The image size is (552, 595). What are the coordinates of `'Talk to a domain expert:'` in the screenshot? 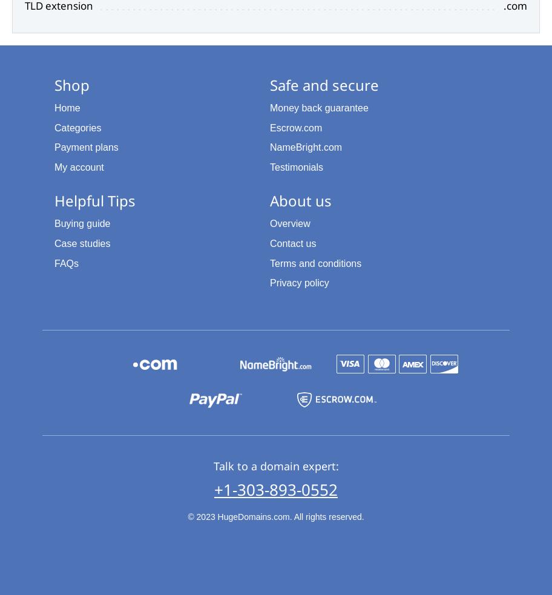 It's located at (275, 465).